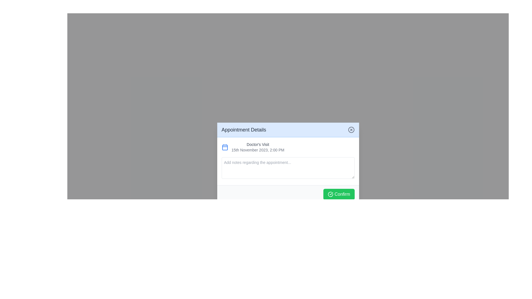  Describe the element at coordinates (257, 144) in the screenshot. I see `the text label displaying 'Doctor's Visit', which is in a medium-sized gray font and is positioned above the appointment date and time` at that location.